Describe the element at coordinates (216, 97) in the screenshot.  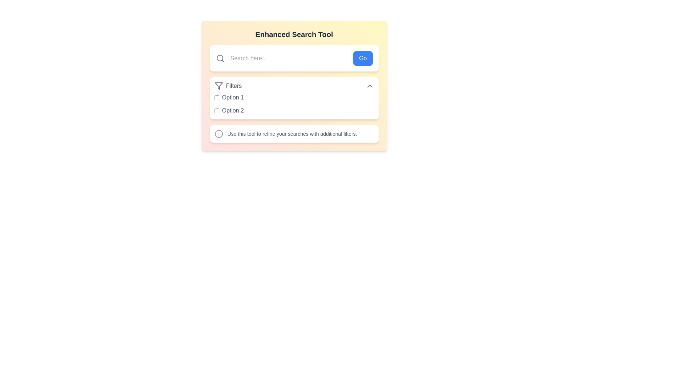
I see `the blue rounded checkbox located to the left of the label 'Option 1' in the Enhanced Search Tool interface` at that location.